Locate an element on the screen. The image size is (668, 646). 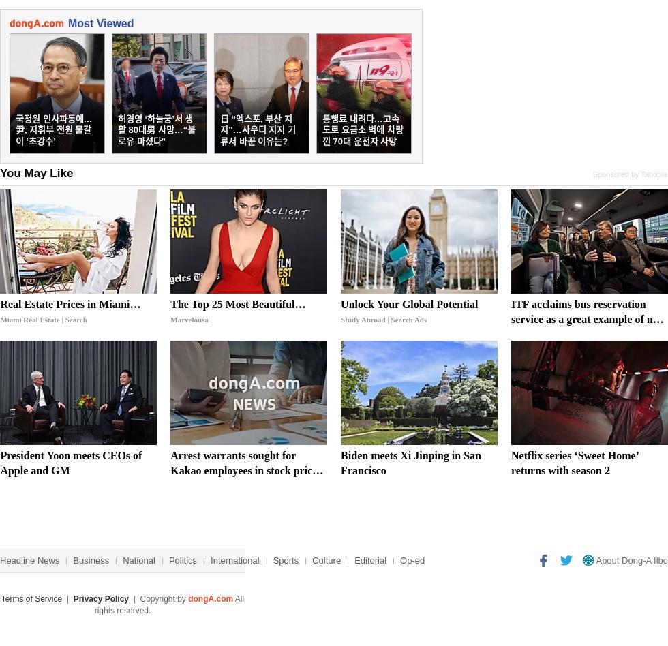
'Privacy Policy' is located at coordinates (100, 598).